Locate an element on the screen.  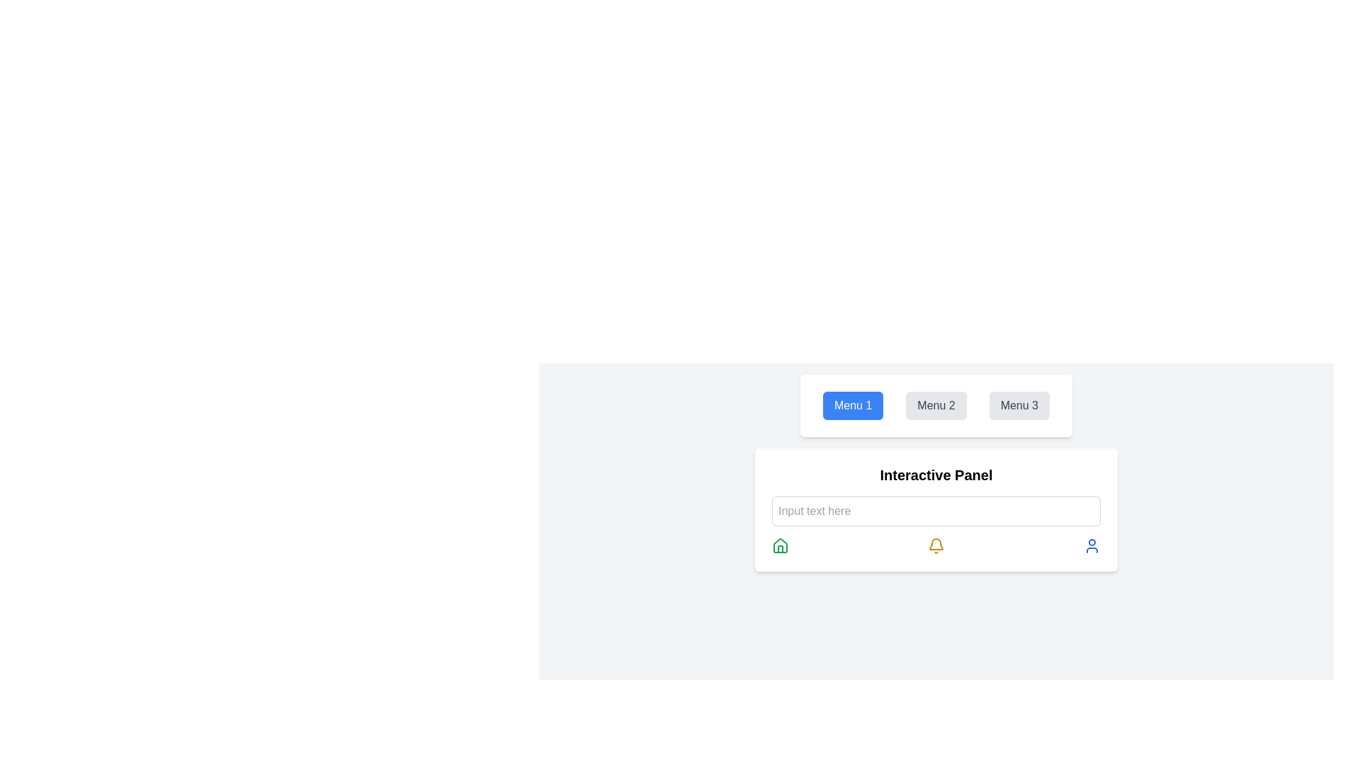
the Notification Bell icon located between the green house icon and the blue user icon at the bottom section of the panel is located at coordinates (936, 545).